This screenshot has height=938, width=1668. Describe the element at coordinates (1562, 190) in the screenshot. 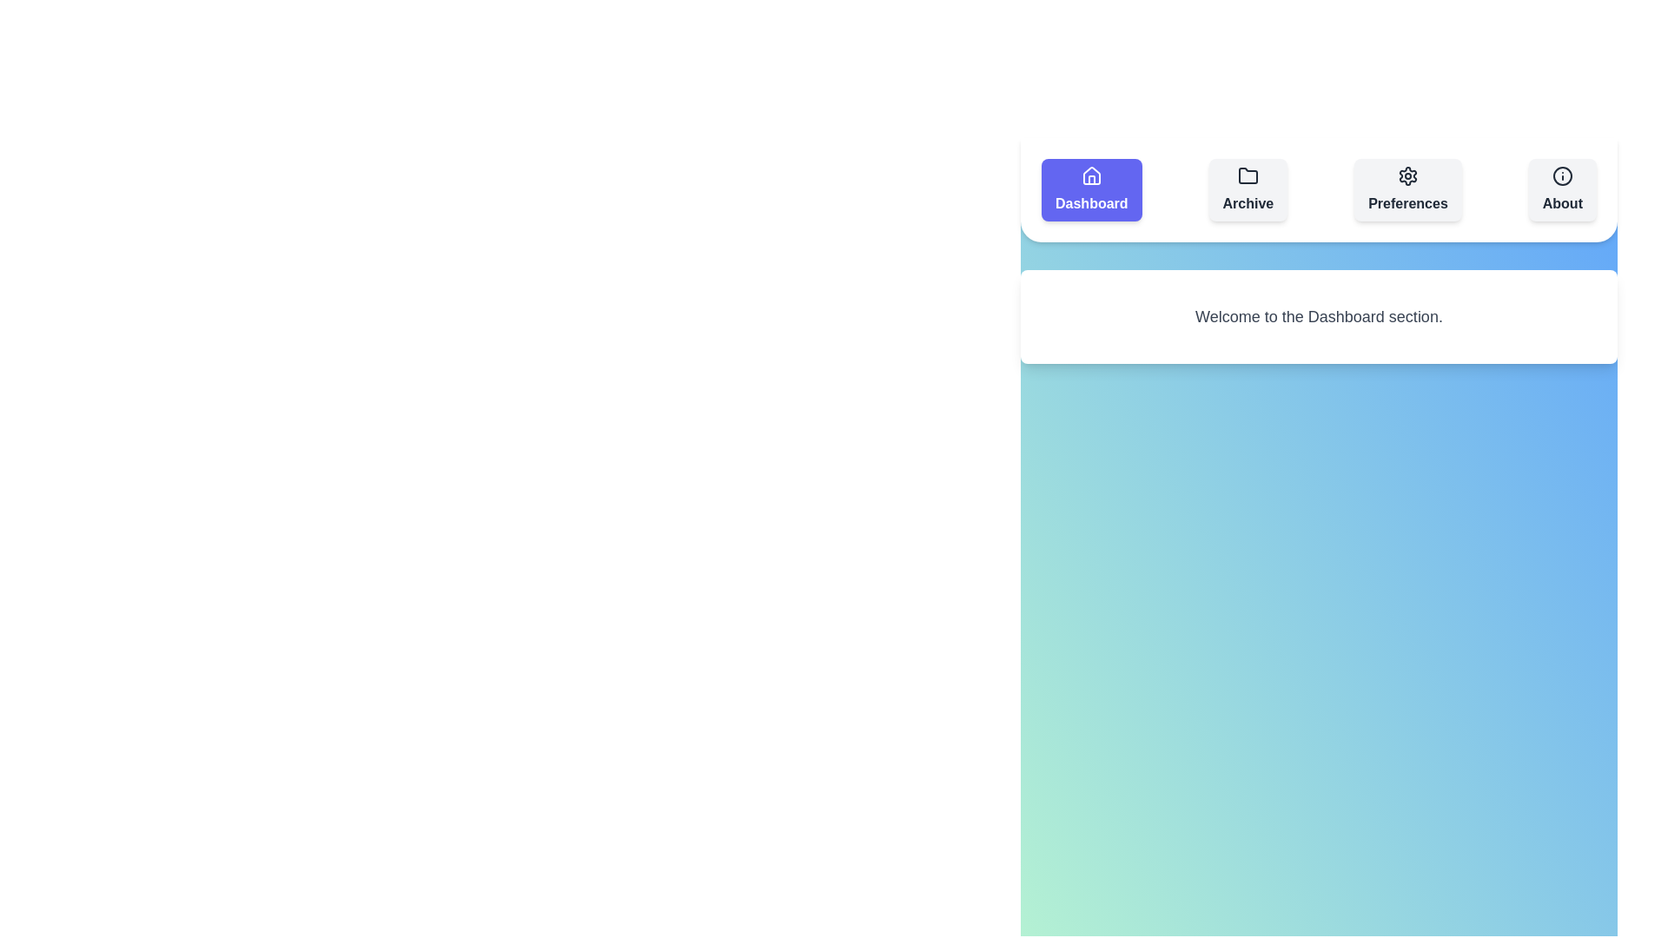

I see `the section button labeled About to switch to that section` at that location.